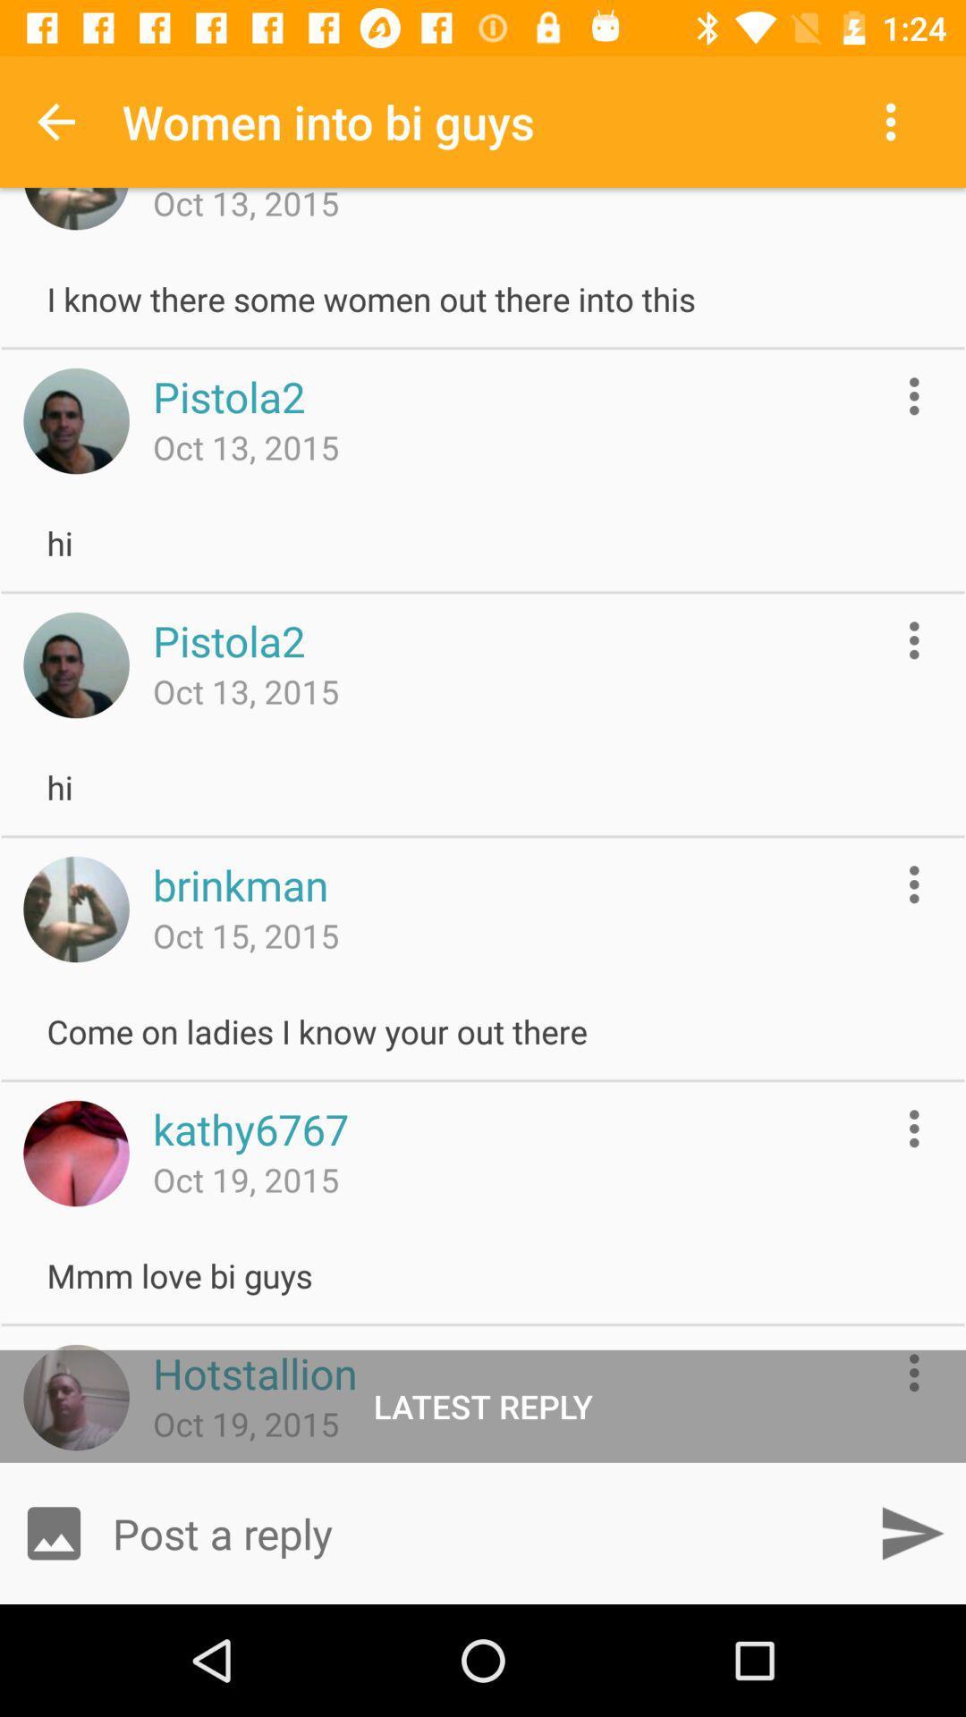  I want to click on post a reply, so click(483, 1532).